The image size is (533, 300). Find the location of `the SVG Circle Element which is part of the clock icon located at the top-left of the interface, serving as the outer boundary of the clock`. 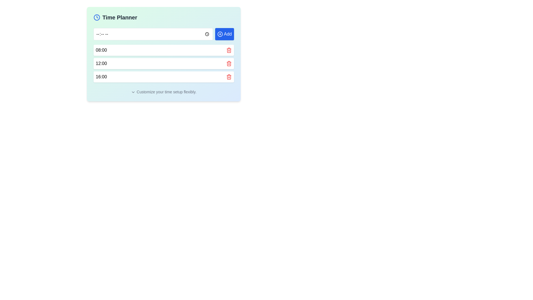

the SVG Circle Element which is part of the clock icon located at the top-left of the interface, serving as the outer boundary of the clock is located at coordinates (97, 17).